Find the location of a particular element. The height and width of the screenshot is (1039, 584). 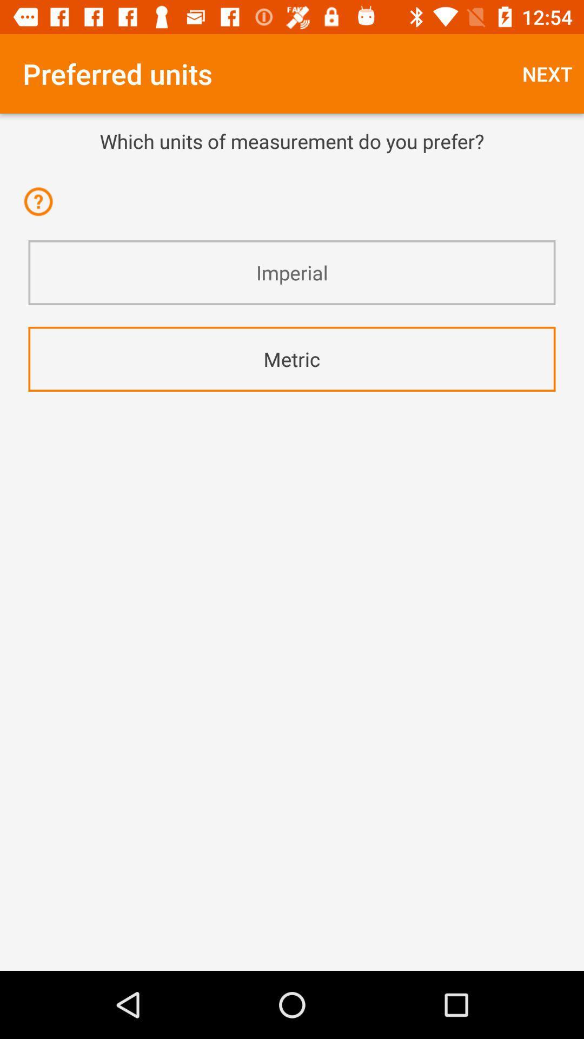

the item below next item is located at coordinates (292, 140).